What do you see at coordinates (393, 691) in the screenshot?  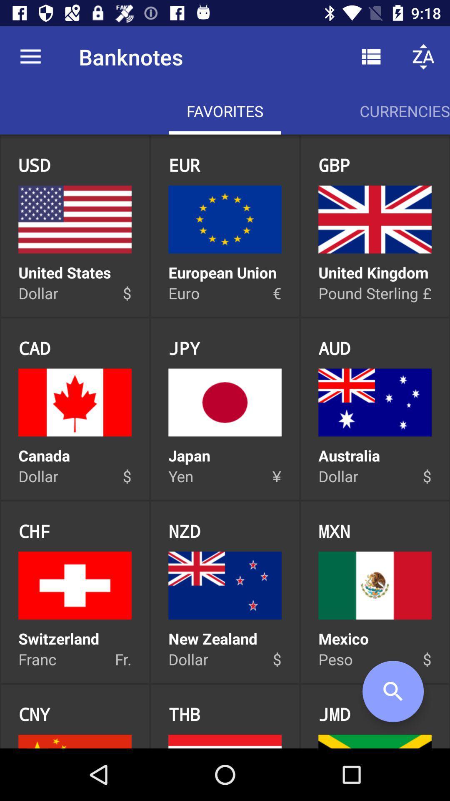 I see `the search icon` at bounding box center [393, 691].